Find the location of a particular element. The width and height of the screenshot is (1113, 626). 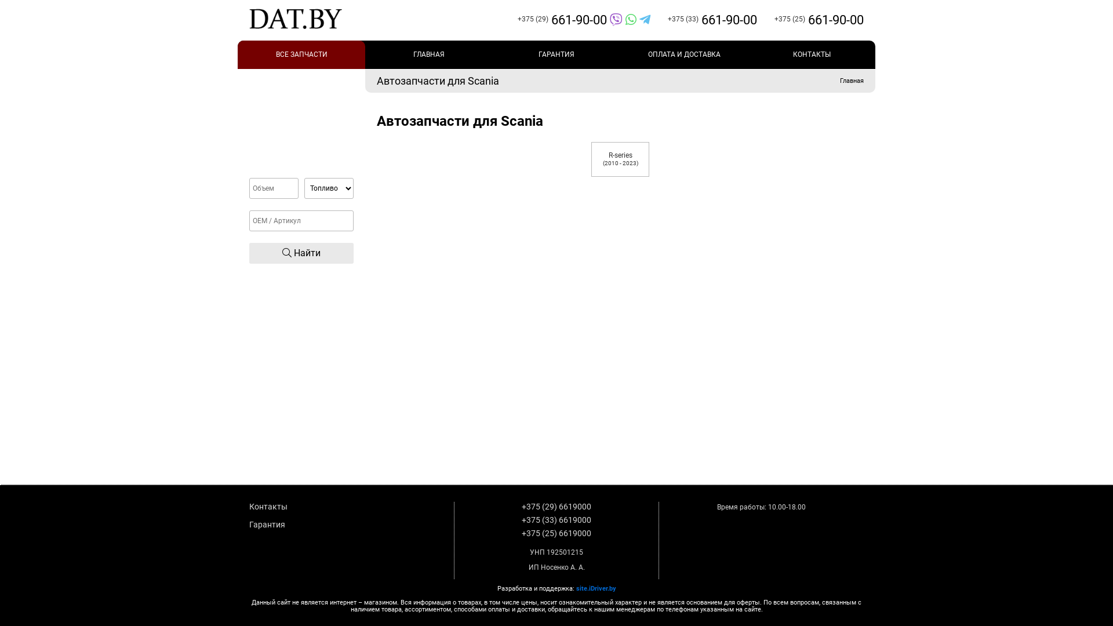

'+375 (25) 6619000' is located at coordinates (556, 533).